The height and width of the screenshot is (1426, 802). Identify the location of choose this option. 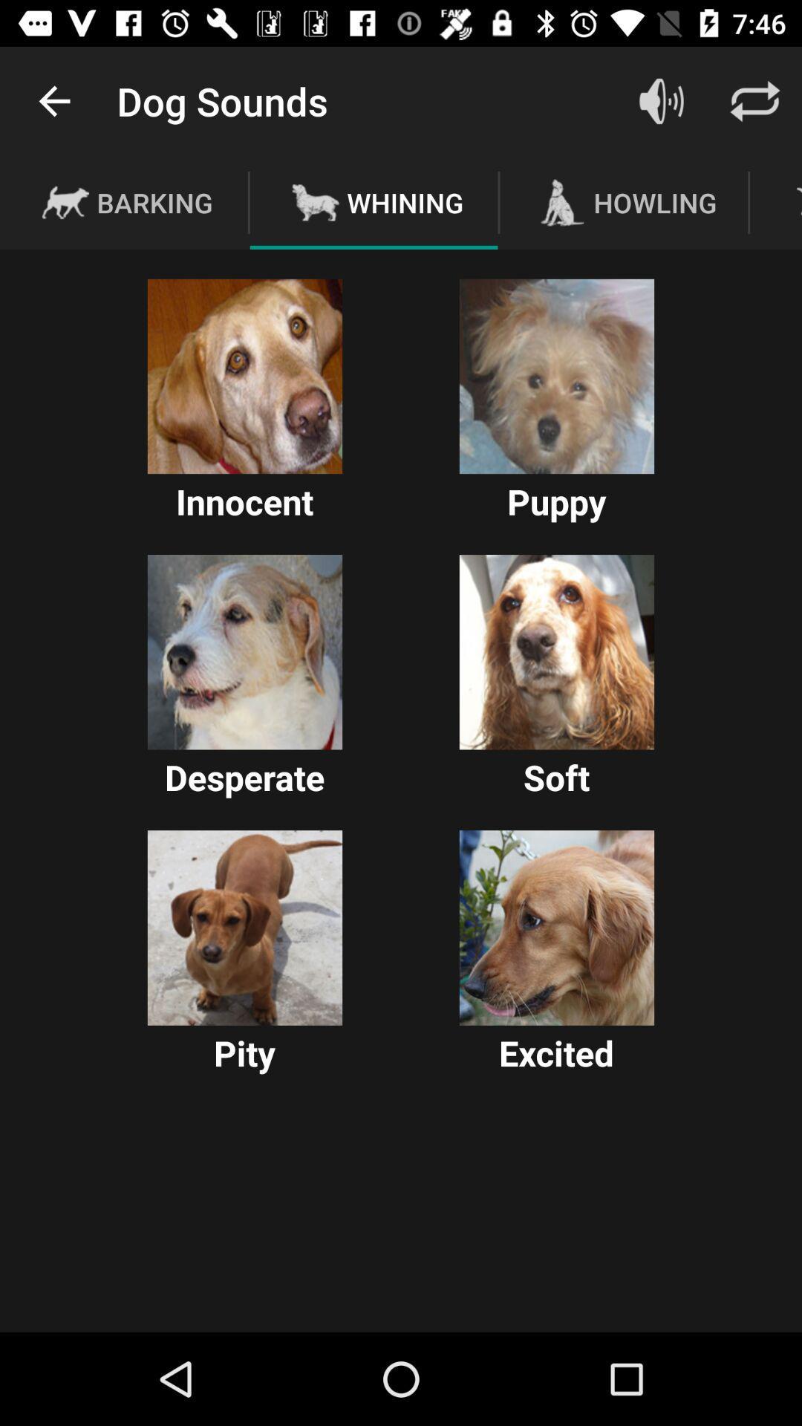
(244, 377).